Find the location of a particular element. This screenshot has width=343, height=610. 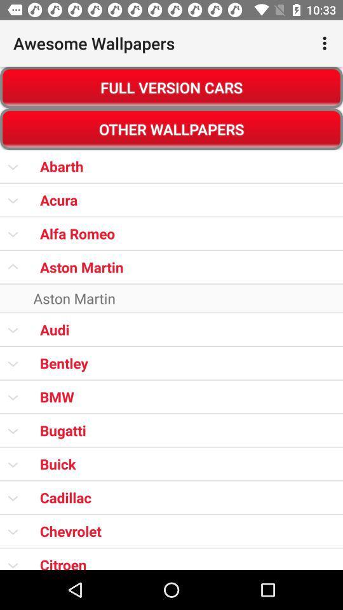

other wallpapers is located at coordinates (171, 129).